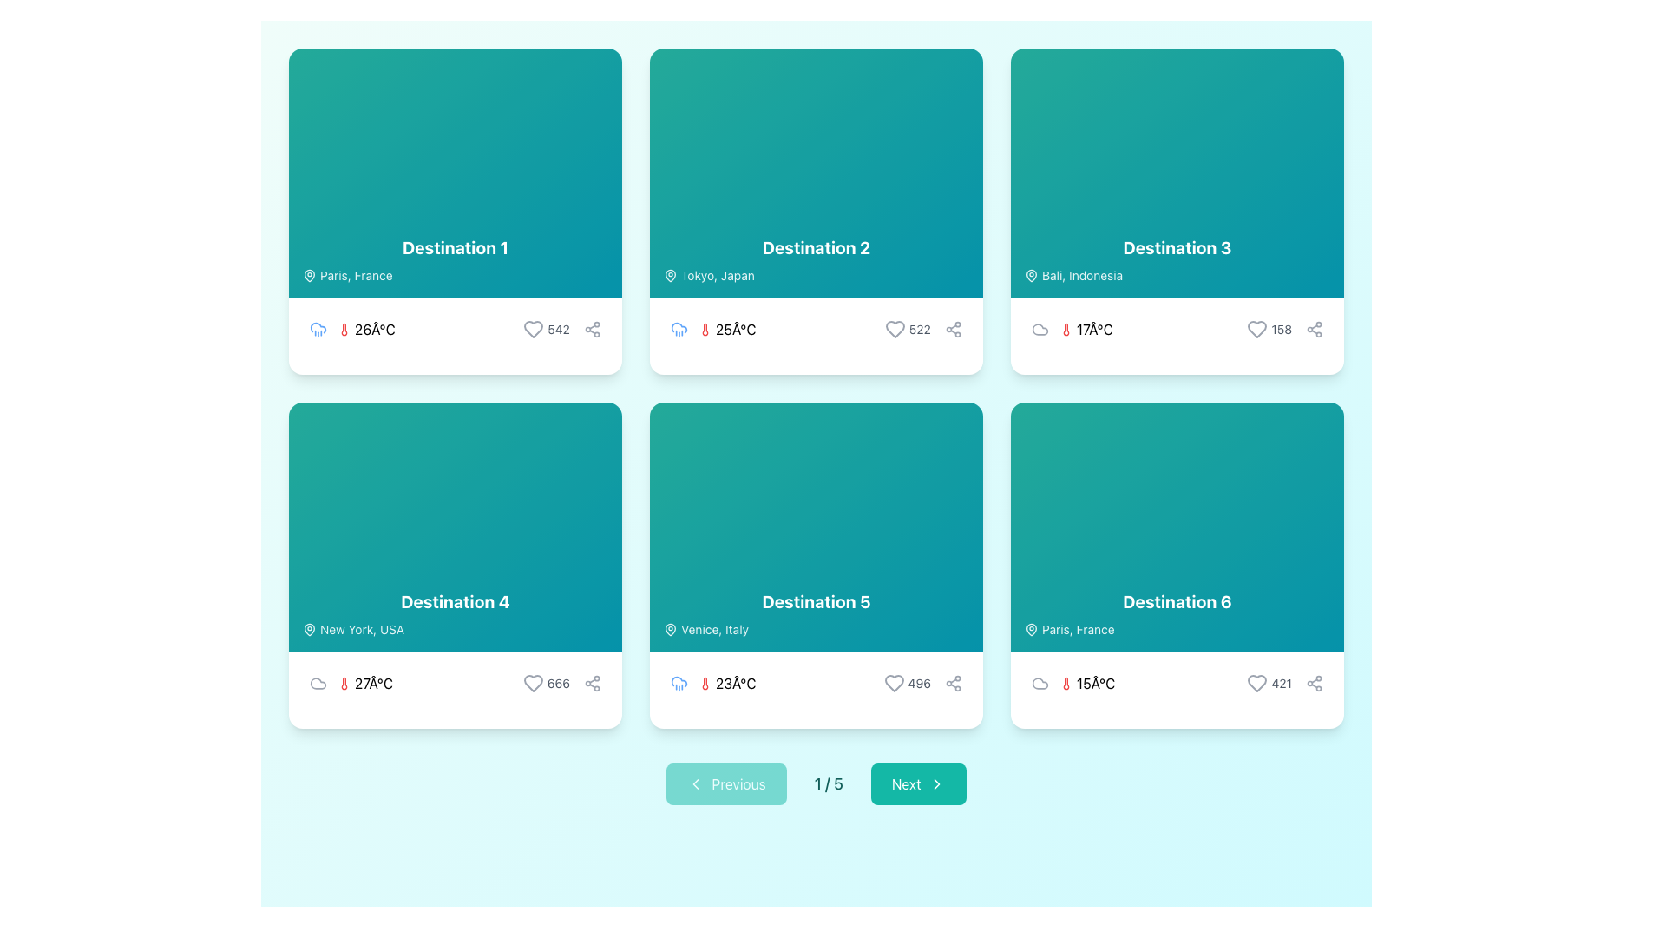 The height and width of the screenshot is (937, 1666). Describe the element at coordinates (309, 629) in the screenshot. I see `the pin icon located to the left of the text 'New York, USA' in the 'Destination 4' card, which represents a geographic location` at that location.